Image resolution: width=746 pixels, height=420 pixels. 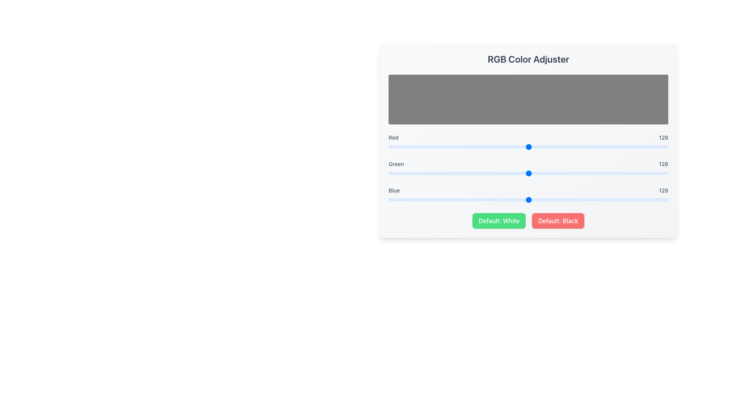 What do you see at coordinates (528, 142) in the screenshot?
I see `the horizontal slider bar labeled 'Red' to move the knob directly to the clicked position` at bounding box center [528, 142].